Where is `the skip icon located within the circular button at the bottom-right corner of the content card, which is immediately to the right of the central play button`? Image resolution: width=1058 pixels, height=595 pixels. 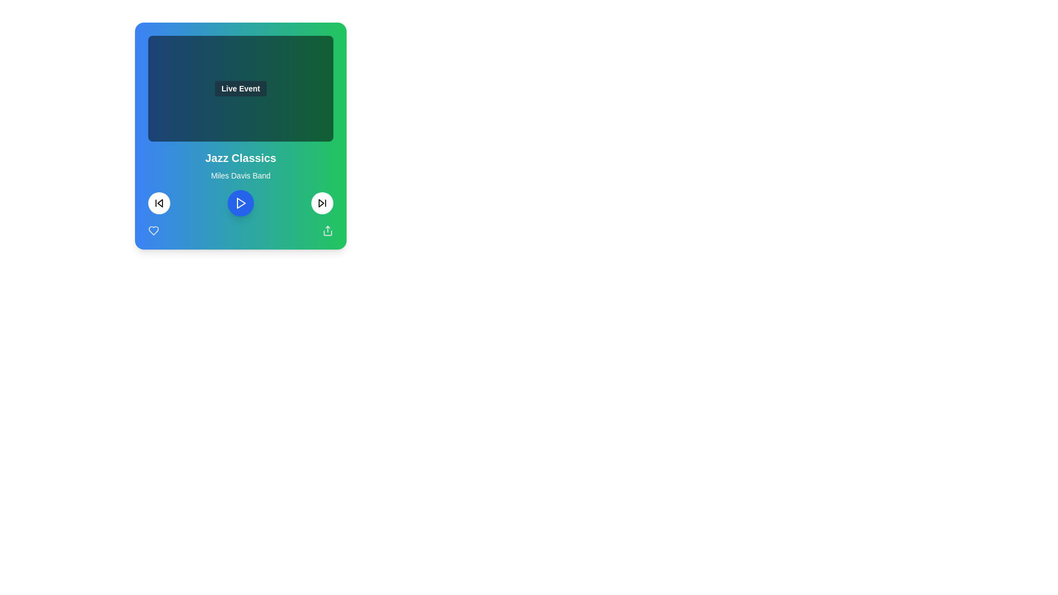 the skip icon located within the circular button at the bottom-right corner of the content card, which is immediately to the right of the central play button is located at coordinates (322, 203).